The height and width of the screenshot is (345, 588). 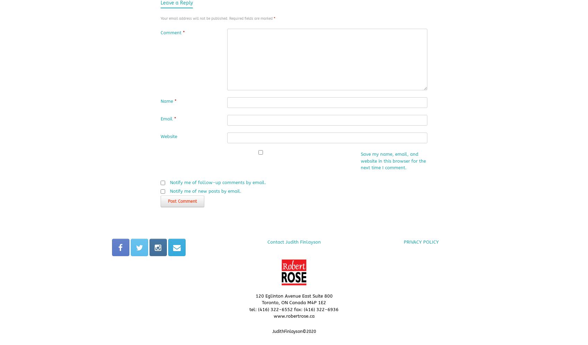 I want to click on 'PRIVACY POLICY', so click(x=421, y=241).